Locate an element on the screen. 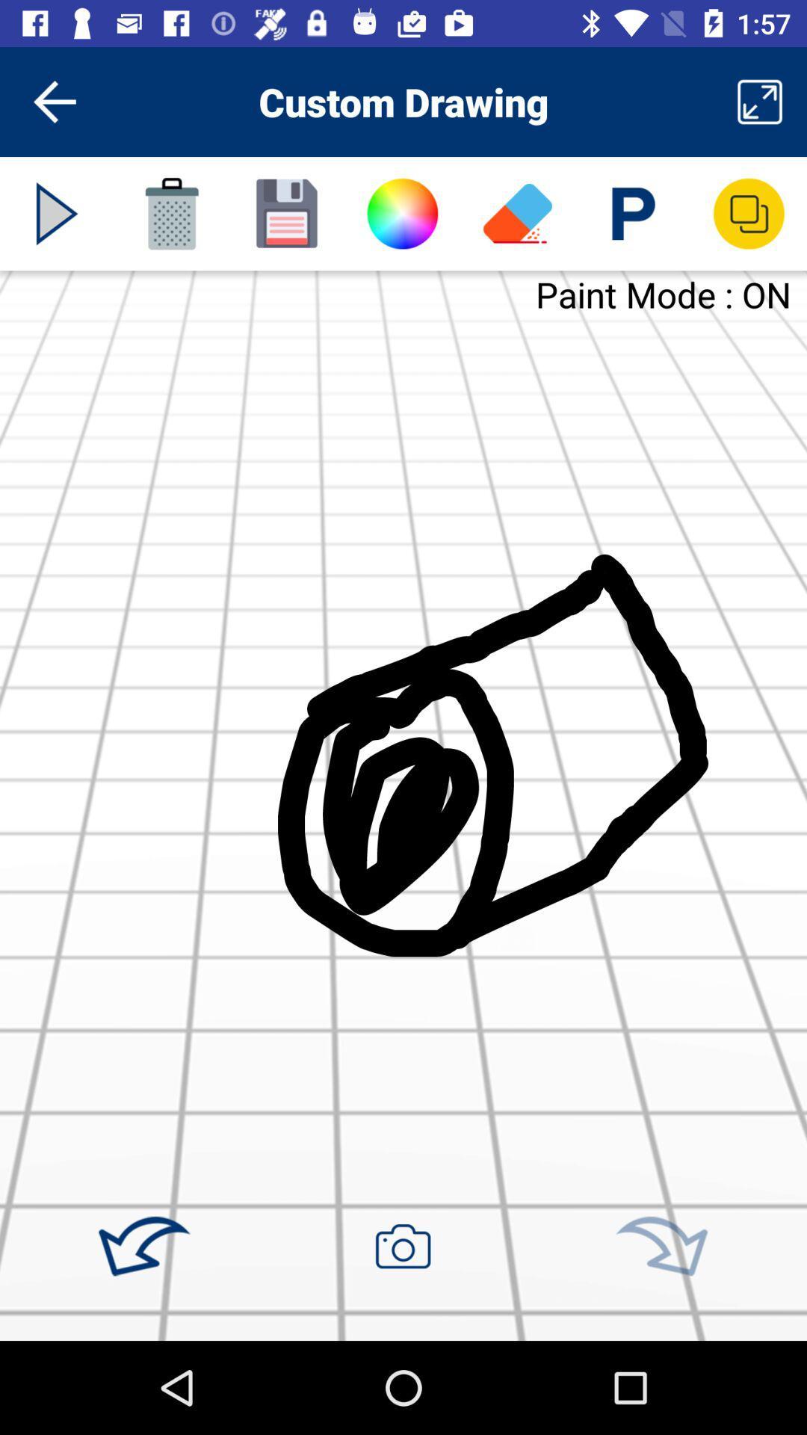 The width and height of the screenshot is (807, 1435). rotate view is located at coordinates (661, 1247).